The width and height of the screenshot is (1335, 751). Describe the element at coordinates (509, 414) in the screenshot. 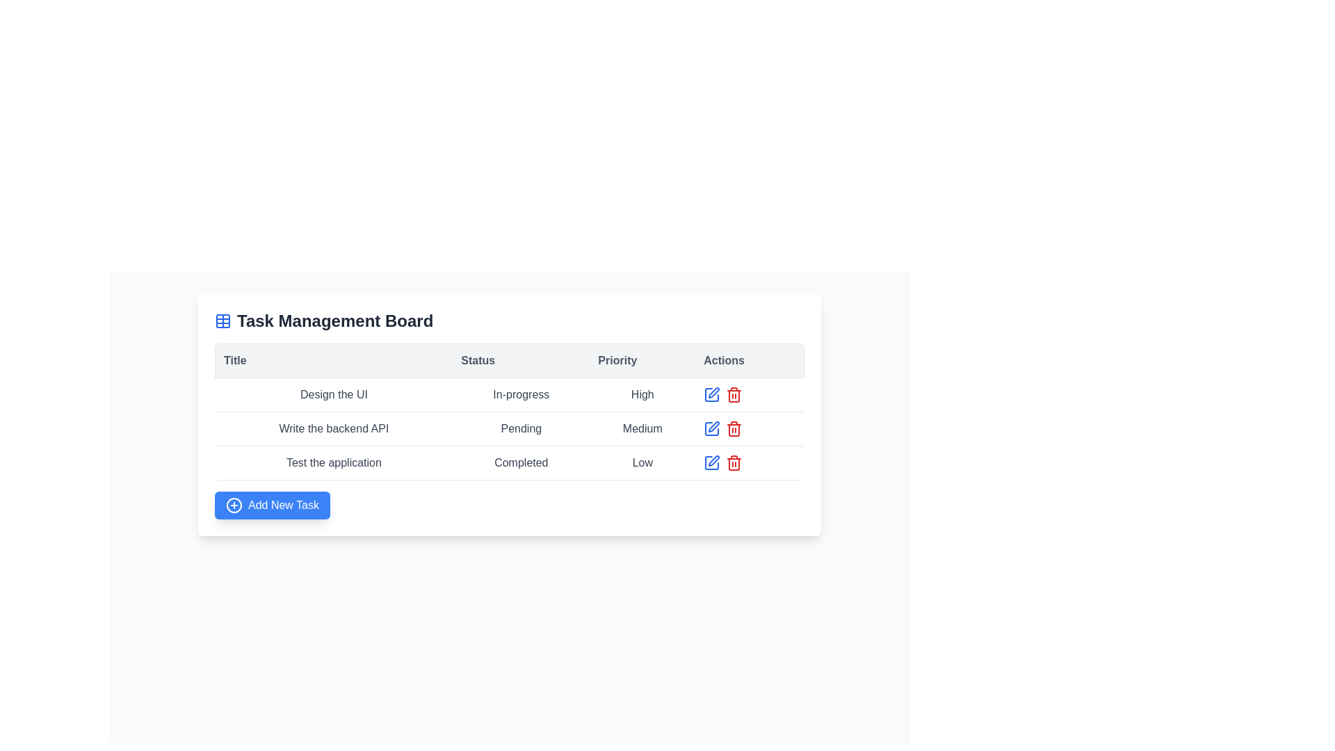

I see `the highlighted data row in the task management board containing the title 'Write the backend API', which is the second row in the table layout` at that location.